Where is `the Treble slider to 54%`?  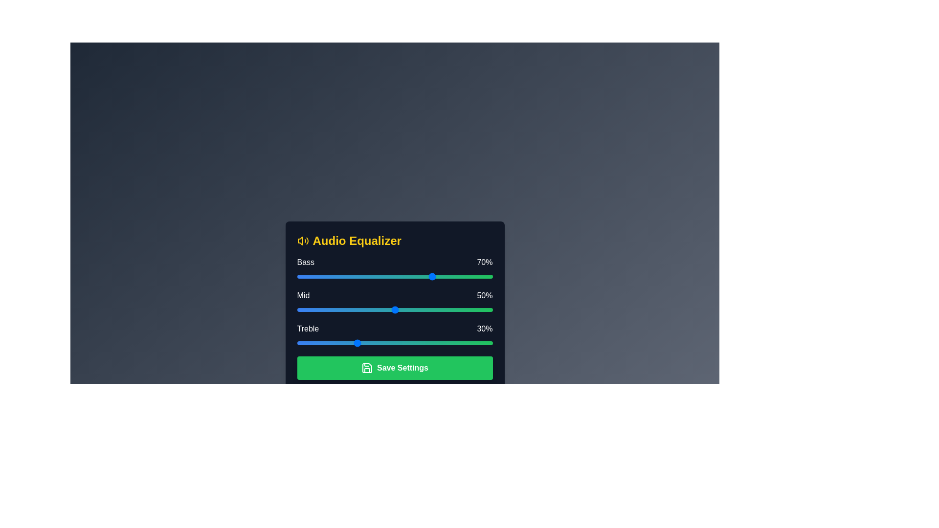
the Treble slider to 54% is located at coordinates (402, 343).